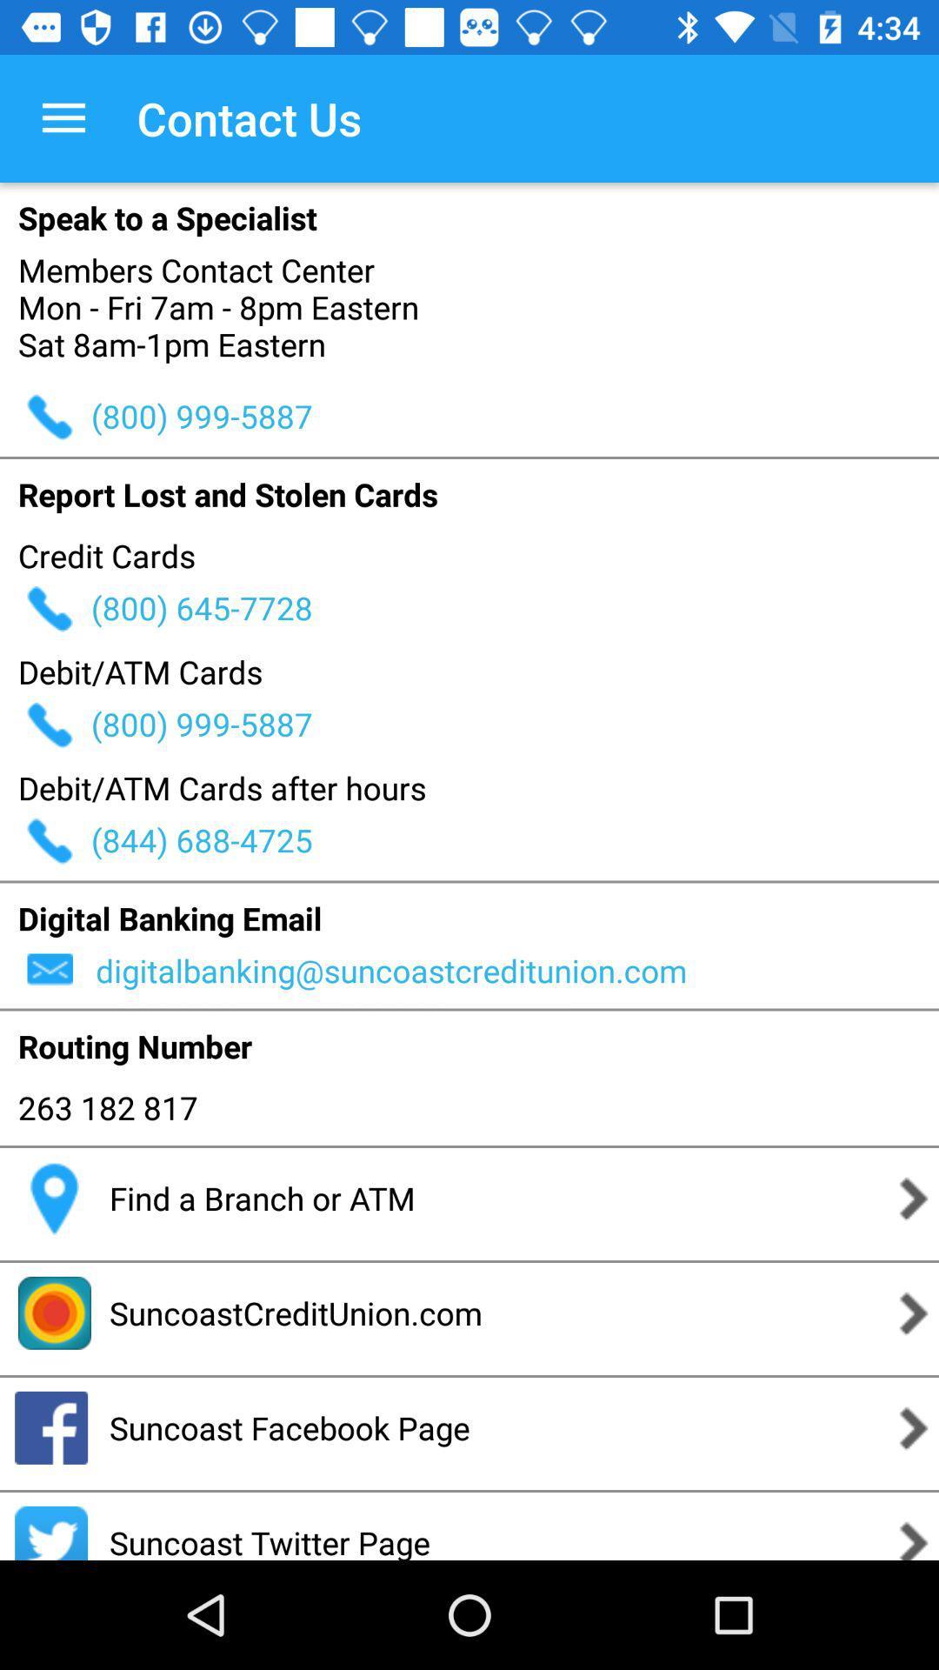 The image size is (939, 1670). I want to click on item to the left of contact us item, so click(63, 117).